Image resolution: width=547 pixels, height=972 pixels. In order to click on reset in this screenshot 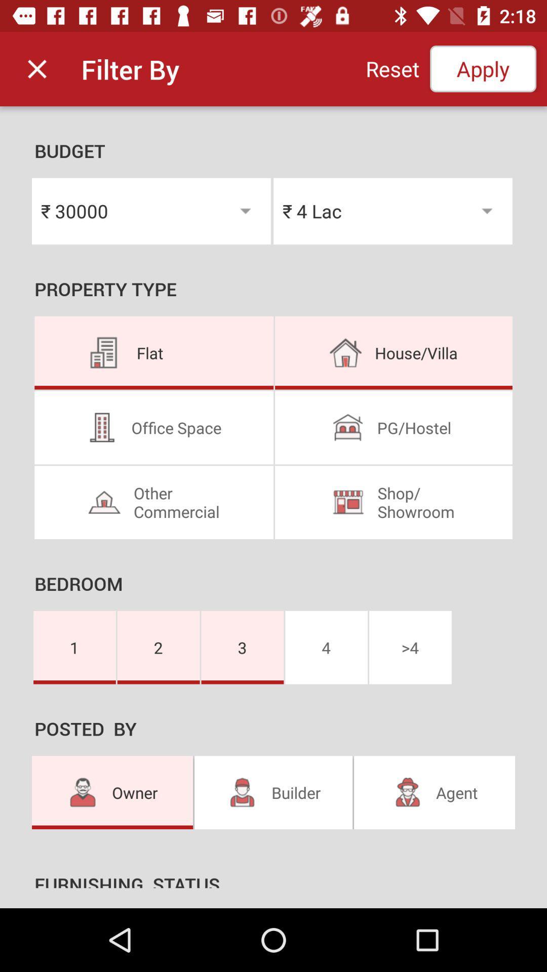, I will do `click(392, 68)`.